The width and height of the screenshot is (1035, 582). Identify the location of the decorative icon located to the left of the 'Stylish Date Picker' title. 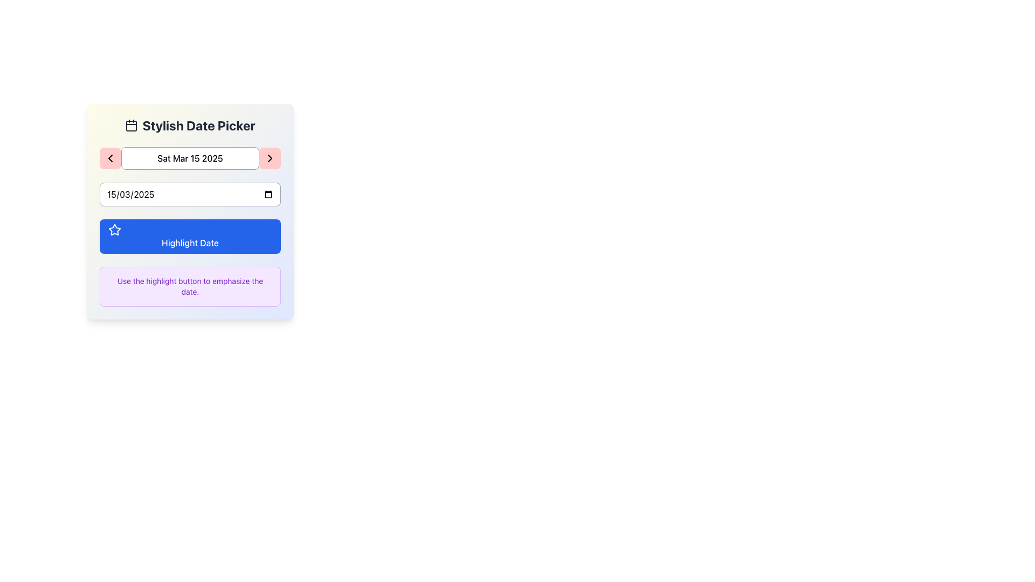
(131, 124).